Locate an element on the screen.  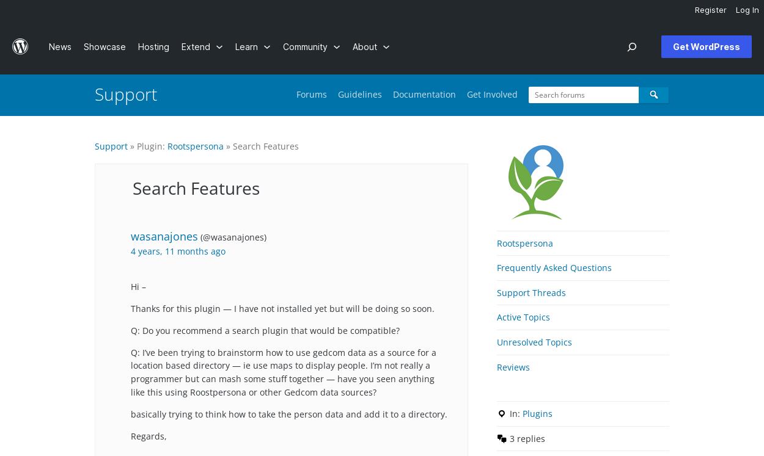
'Get Involved' is located at coordinates (492, 93).